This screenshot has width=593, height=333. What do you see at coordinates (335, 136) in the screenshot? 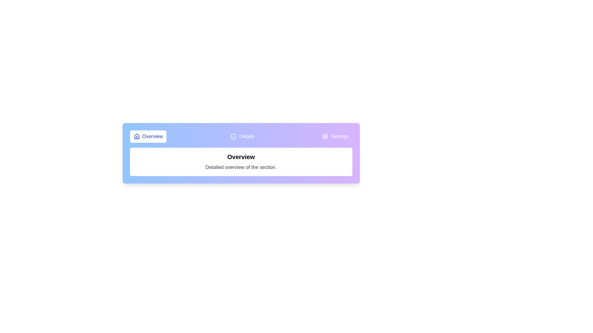
I see `the rightmost navigation button in the top-right corner` at bounding box center [335, 136].